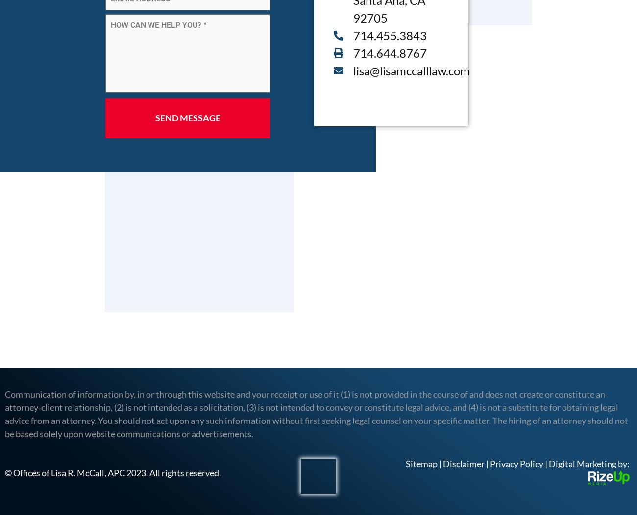 Image resolution: width=637 pixels, height=515 pixels. I want to click on '© Offices of Lisa R. McCall, APC 2023. All rights reserved.', so click(112, 471).